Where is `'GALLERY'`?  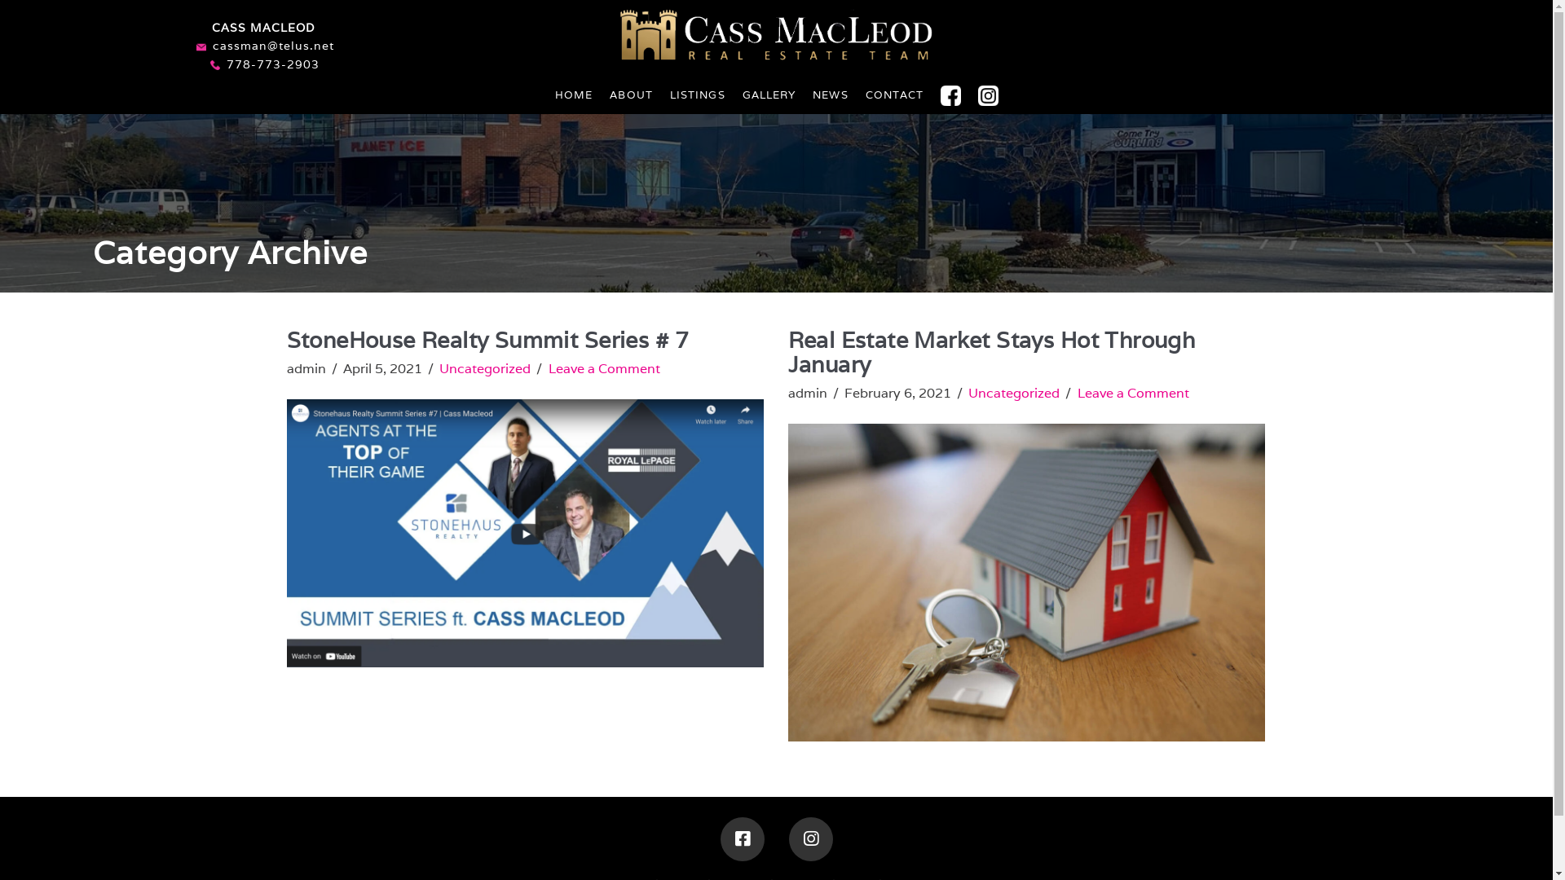
'GALLERY' is located at coordinates (768, 94).